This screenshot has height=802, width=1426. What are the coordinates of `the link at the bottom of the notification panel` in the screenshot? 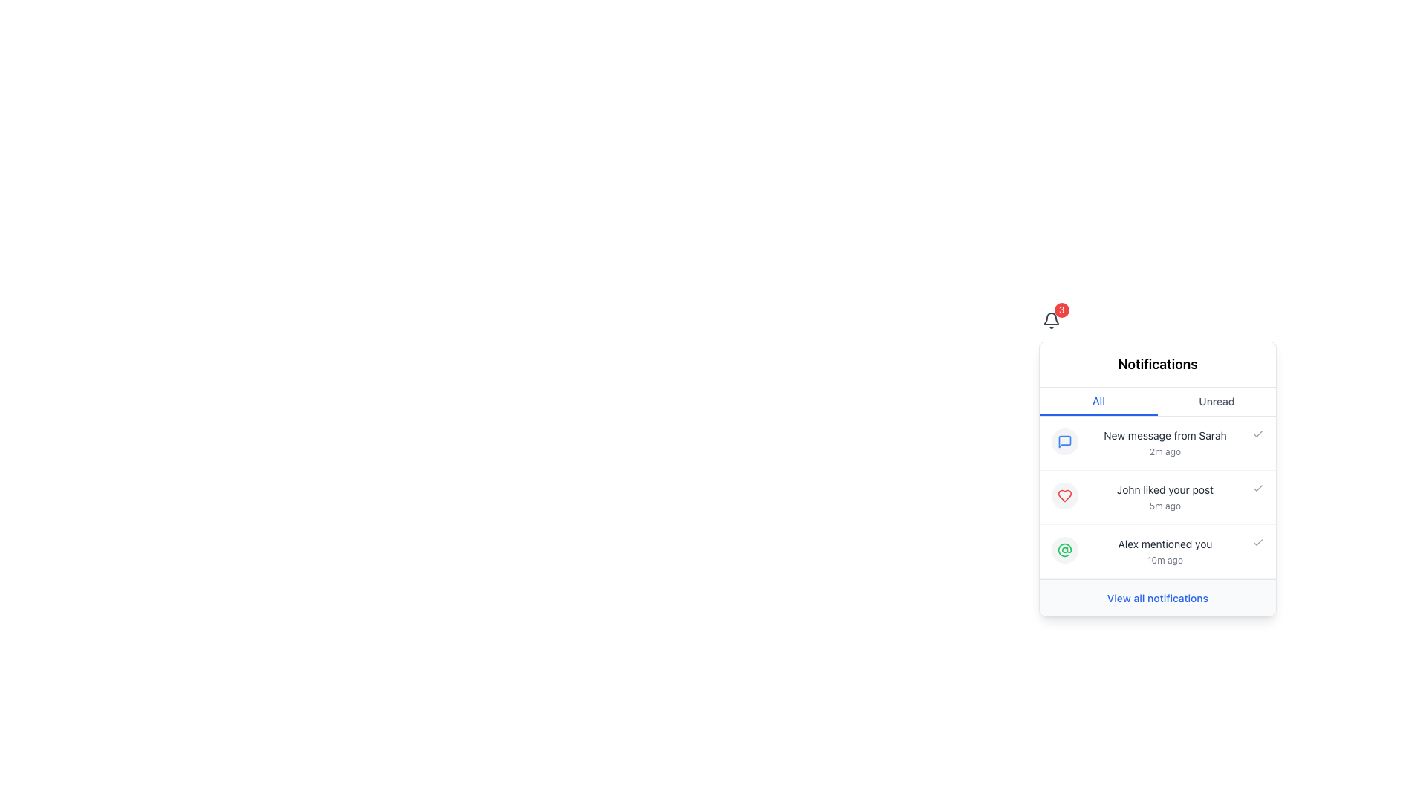 It's located at (1157, 598).